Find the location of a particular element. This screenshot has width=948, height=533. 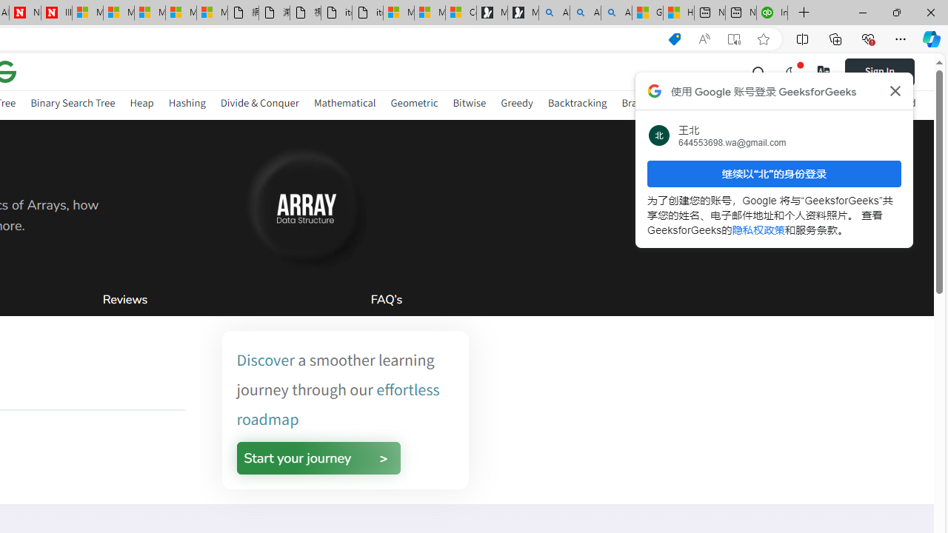

'Greedy' is located at coordinates (516, 102).